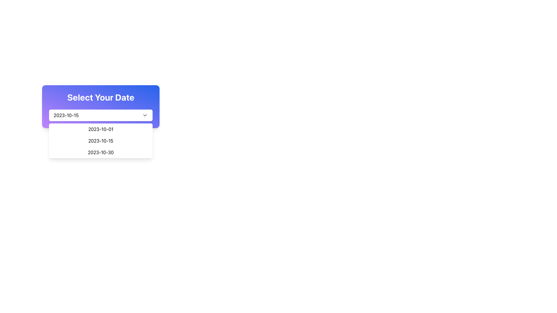 Image resolution: width=557 pixels, height=313 pixels. What do you see at coordinates (101, 129) in the screenshot?
I see `the textual item displaying the date '2023-10-01' in the dropdown menu` at bounding box center [101, 129].